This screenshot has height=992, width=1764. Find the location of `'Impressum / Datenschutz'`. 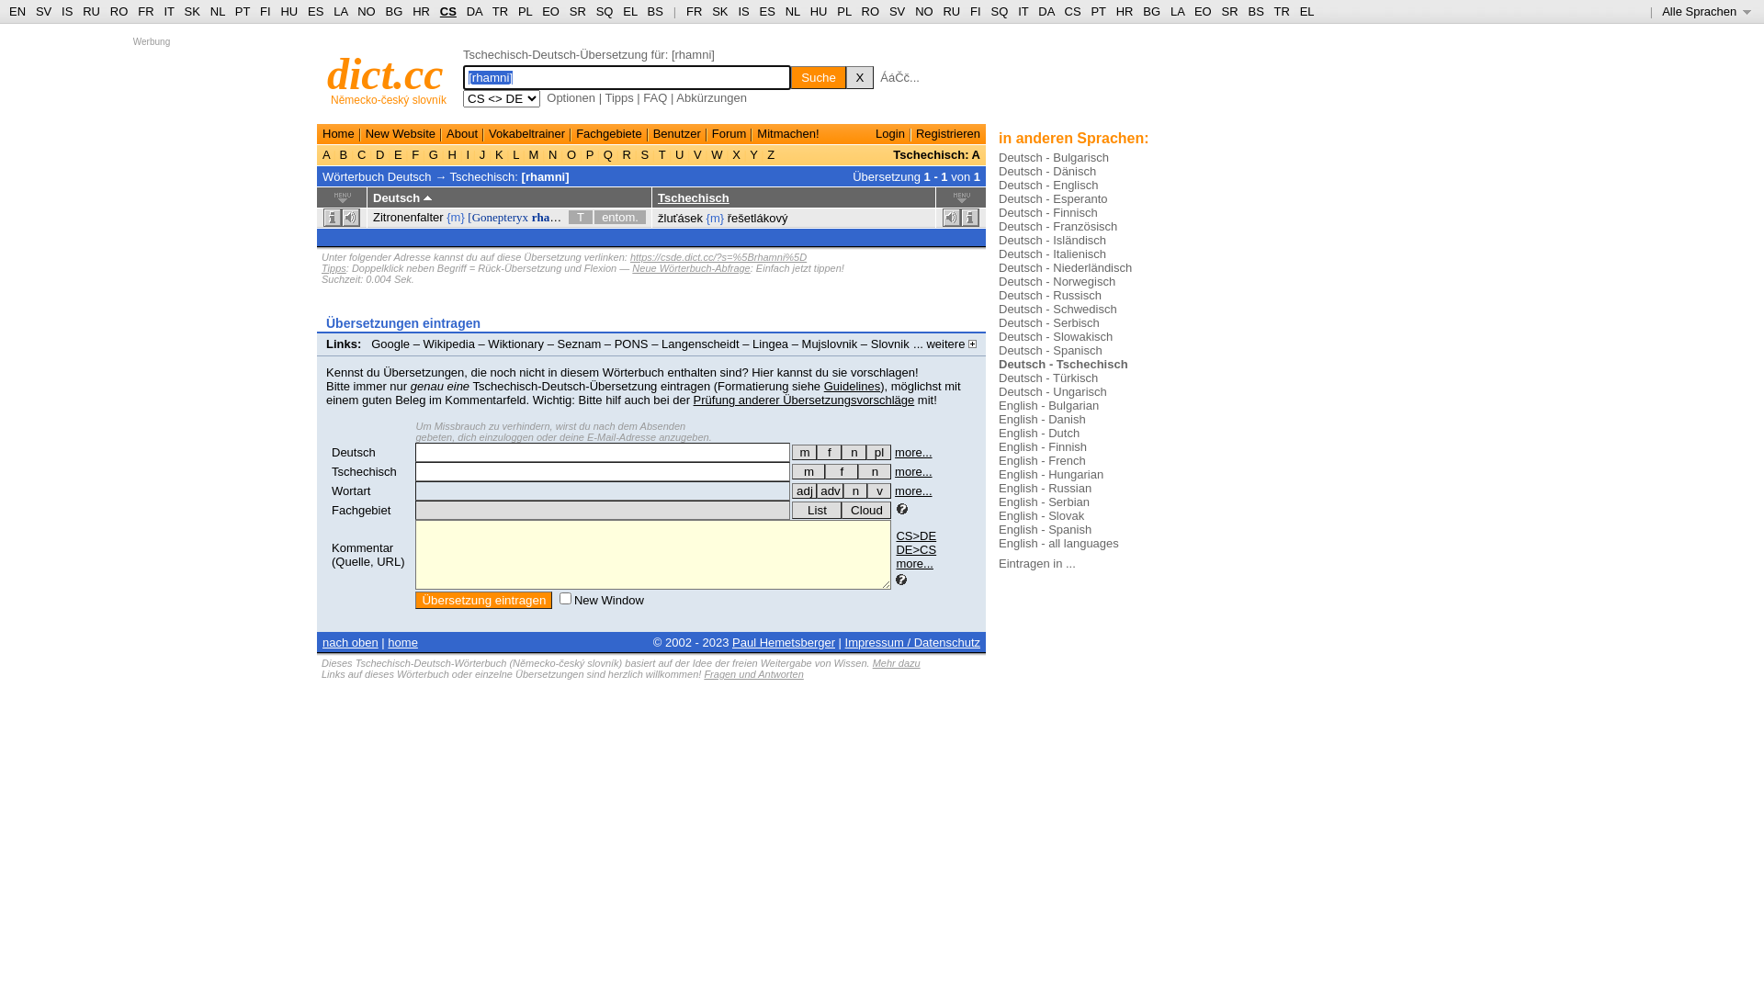

'Impressum / Datenschutz' is located at coordinates (912, 641).